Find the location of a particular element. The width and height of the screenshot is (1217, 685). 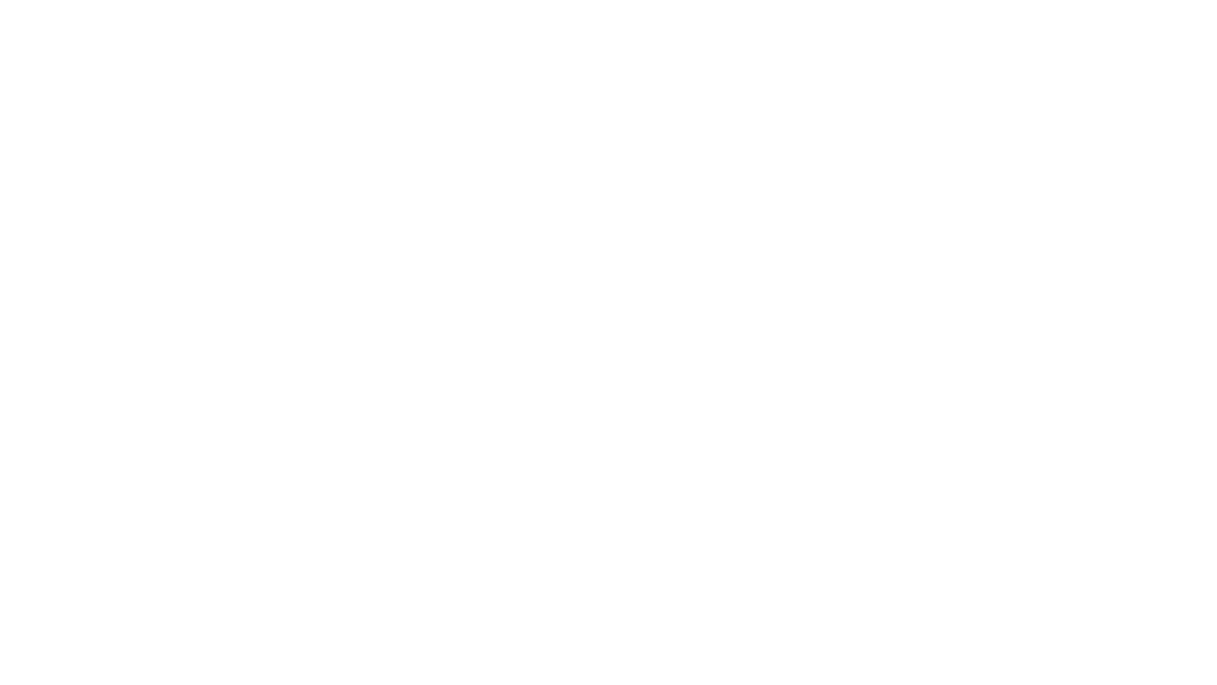

Request Demo is located at coordinates (415, 464).